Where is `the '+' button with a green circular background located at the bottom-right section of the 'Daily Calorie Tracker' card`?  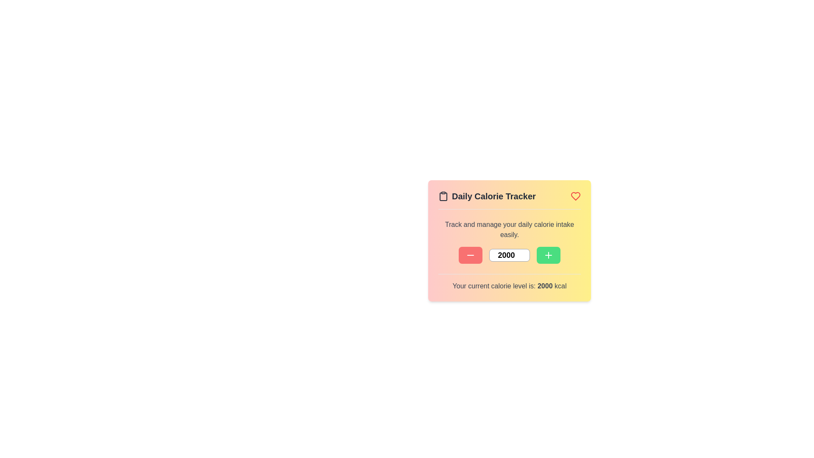
the '+' button with a green circular background located at the bottom-right section of the 'Daily Calorie Tracker' card is located at coordinates (549, 254).